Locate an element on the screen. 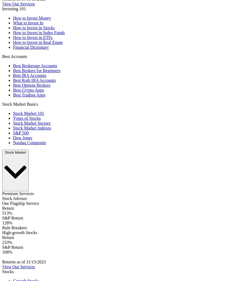 The height and width of the screenshot is (281, 231). 'Stock Market Sectors' is located at coordinates (31, 123).